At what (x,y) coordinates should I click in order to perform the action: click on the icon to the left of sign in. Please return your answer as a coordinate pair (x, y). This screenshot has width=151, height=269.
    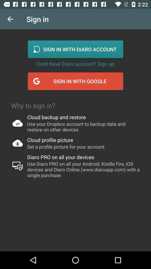
    Looking at the image, I should click on (10, 19).